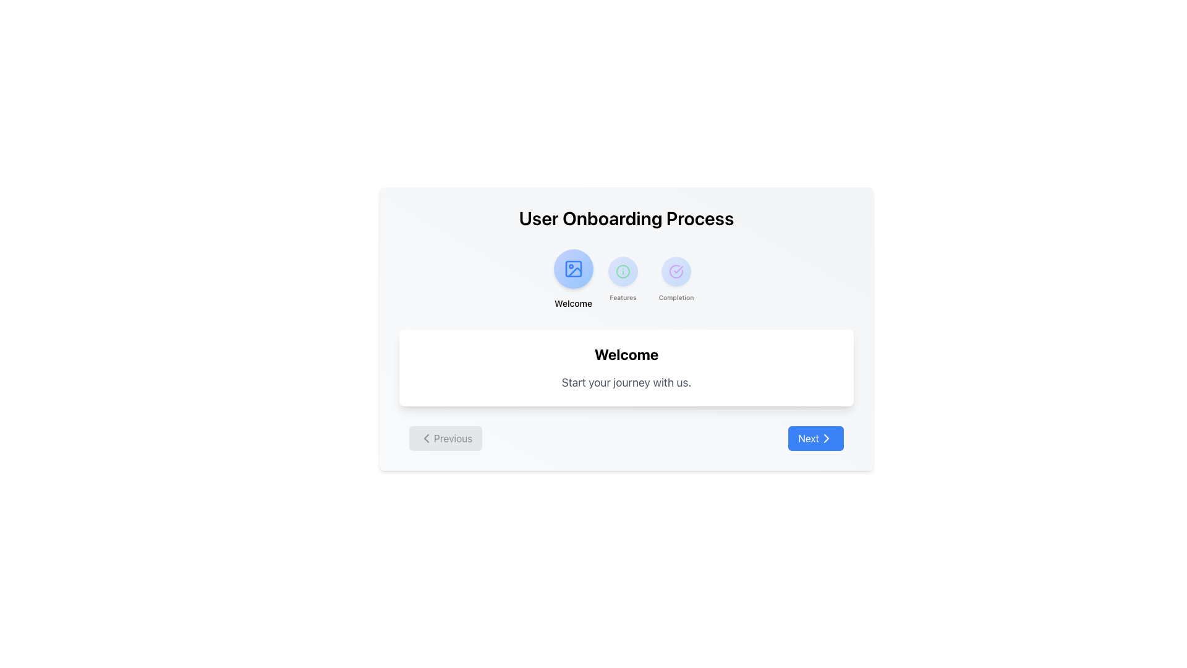 The width and height of the screenshot is (1187, 668). Describe the element at coordinates (572, 268) in the screenshot. I see `the Vector Icon inside the 'Welcome' task button` at that location.